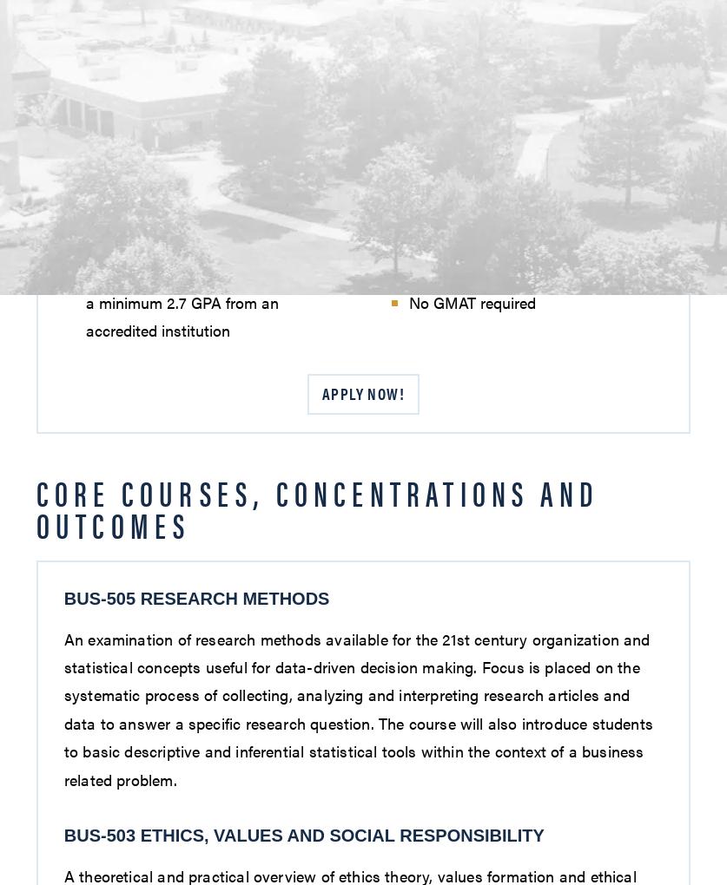 This screenshot has width=727, height=885. What do you see at coordinates (470, 301) in the screenshot?
I see `'No GMAT required'` at bounding box center [470, 301].